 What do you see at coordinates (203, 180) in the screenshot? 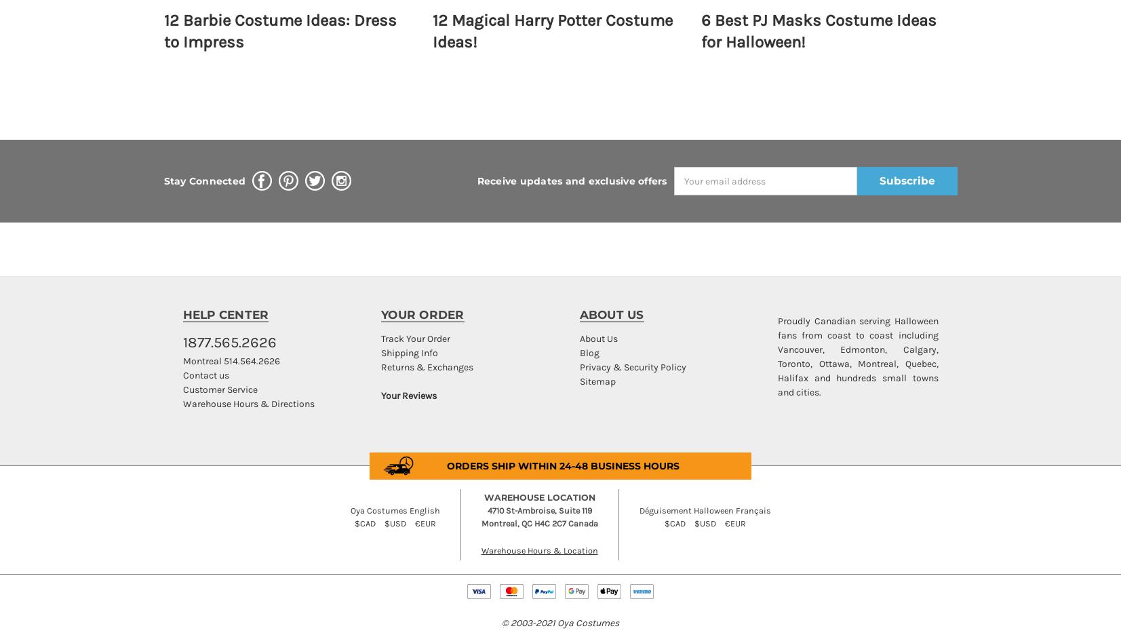
I see `'Stay Connected'` at bounding box center [203, 180].